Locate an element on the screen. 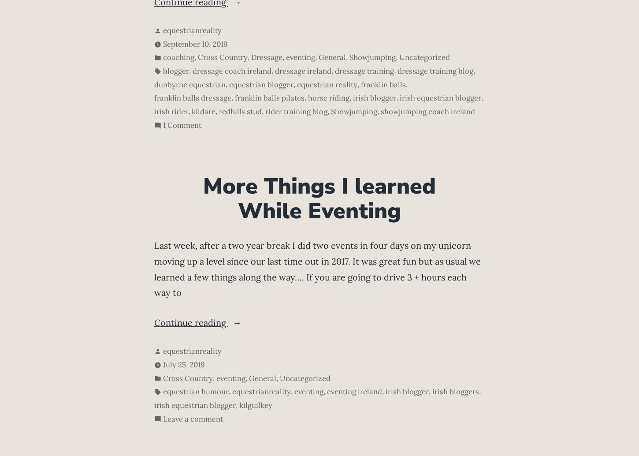 The height and width of the screenshot is (456, 639). 'eventing ireland' is located at coordinates (354, 391).